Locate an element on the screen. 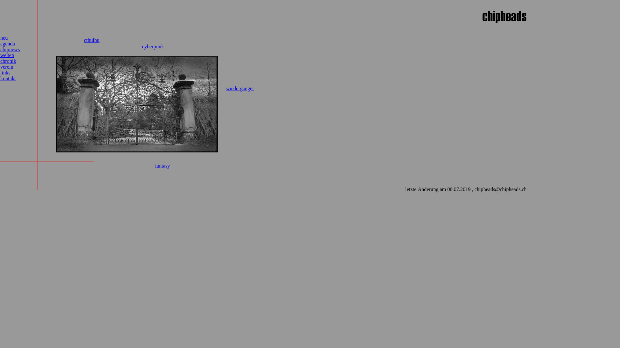  'fantasy' is located at coordinates (162, 165).